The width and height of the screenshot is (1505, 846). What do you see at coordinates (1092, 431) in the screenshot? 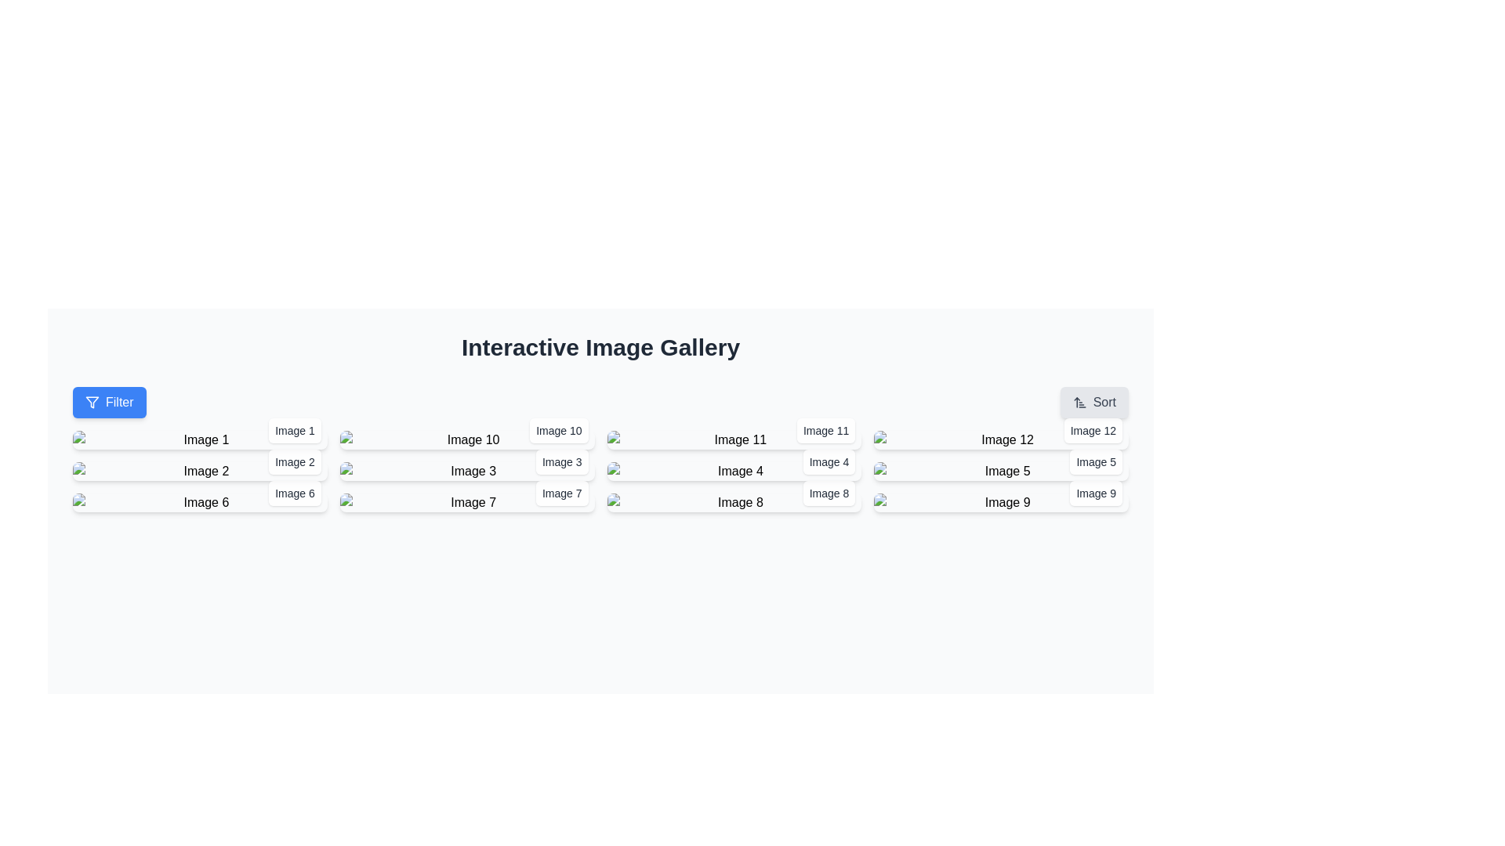
I see `the text label displaying 'Image 12', which is styled with a small font size and gray color, located in the bottom-right corner of the image card` at bounding box center [1092, 431].